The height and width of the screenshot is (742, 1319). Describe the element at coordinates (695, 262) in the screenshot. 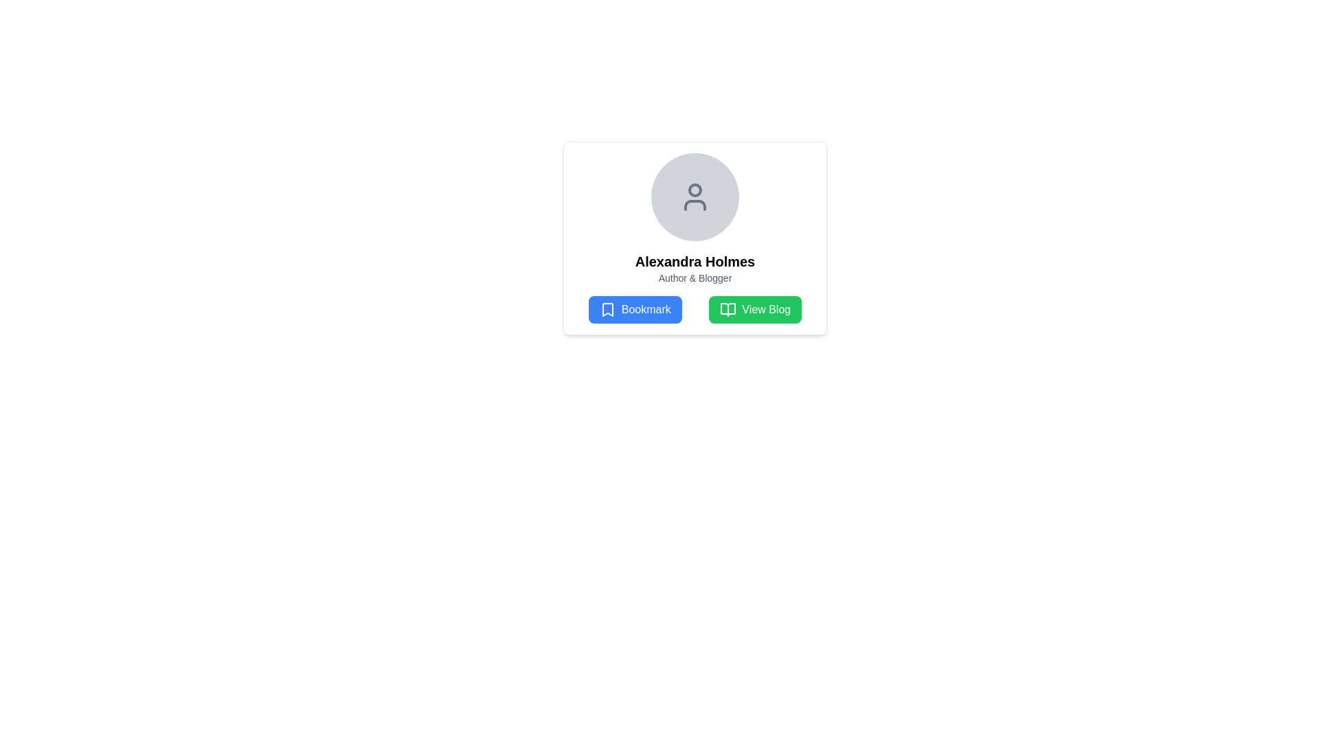

I see `the profile title text display, which is positioned below the circular avatar and above the descriptive text 'Author & Blogger'` at that location.